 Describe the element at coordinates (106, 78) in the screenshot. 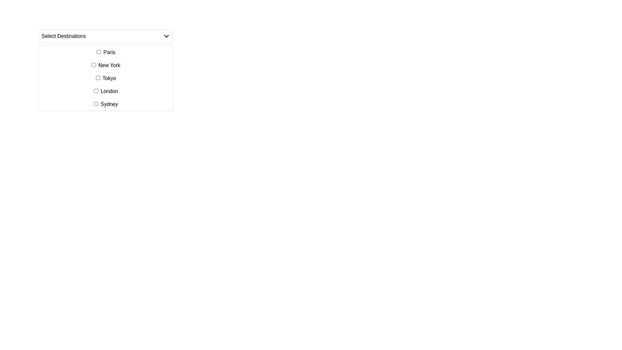

I see `the dropdown list containing checkboxes and labels to read the options available for selection, including Paris, New York, Tokyo, London, and Sydney` at that location.